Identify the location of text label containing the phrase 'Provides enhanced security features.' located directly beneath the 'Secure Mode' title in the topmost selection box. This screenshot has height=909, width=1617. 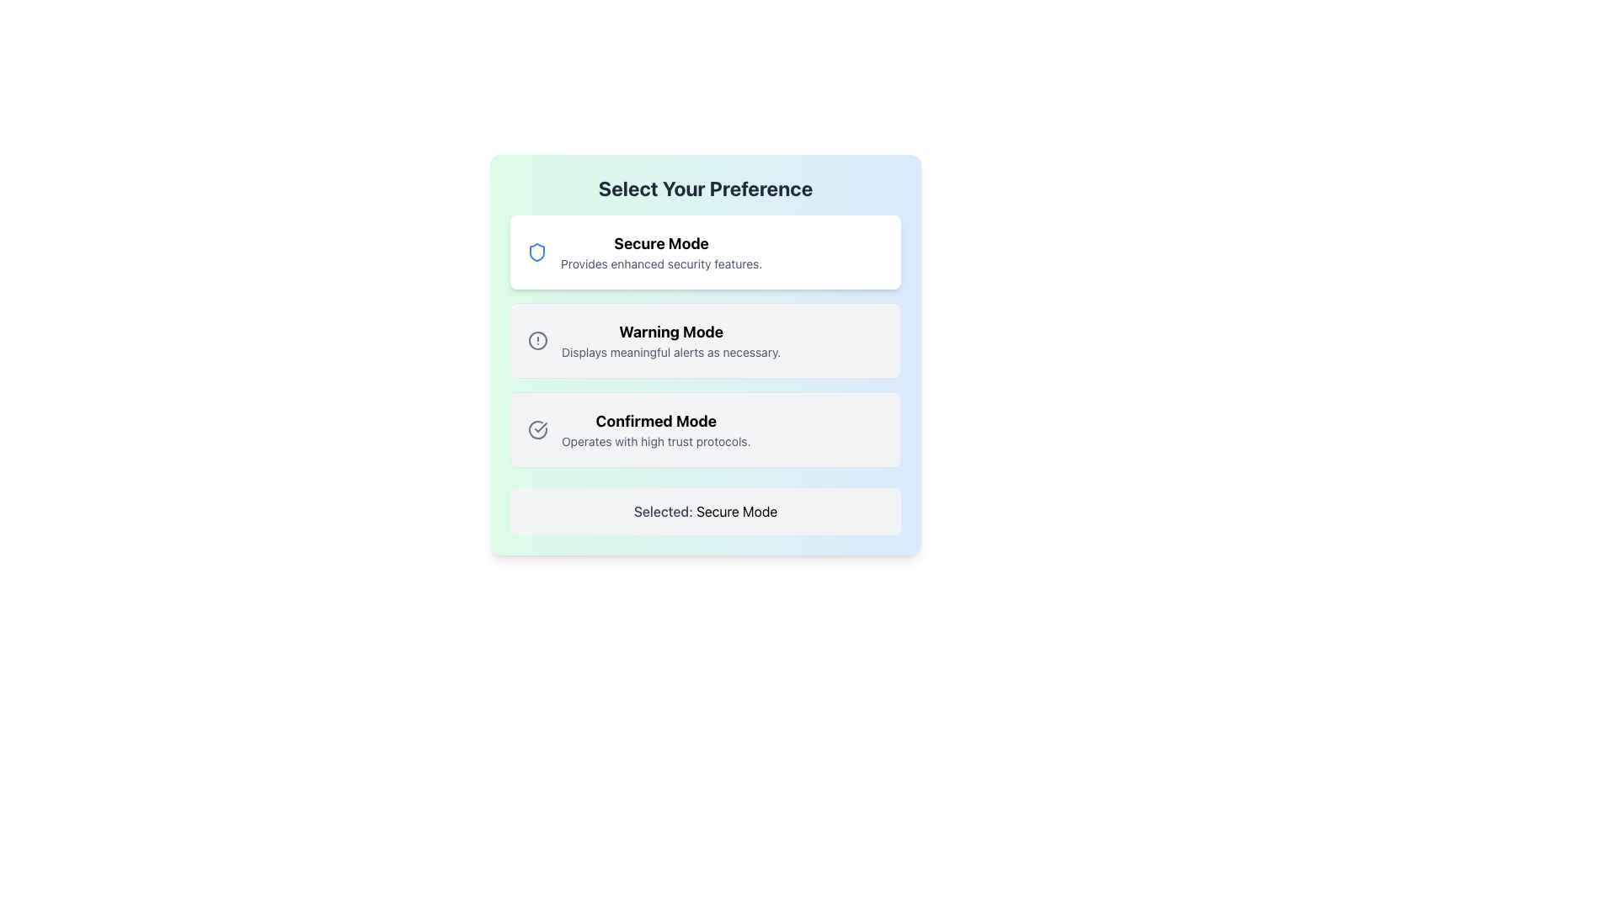
(660, 263).